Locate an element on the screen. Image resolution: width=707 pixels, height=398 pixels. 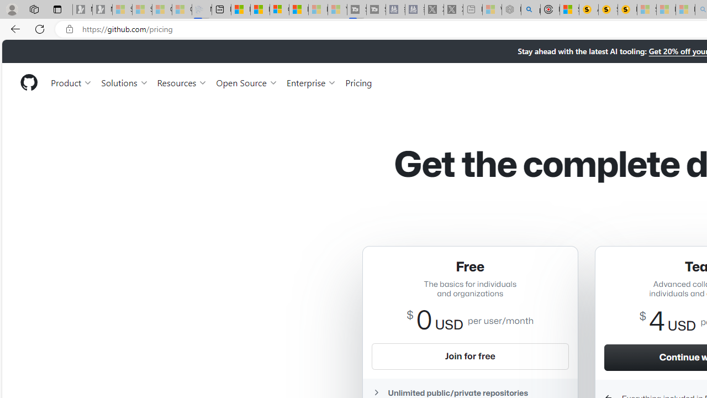
'Homepage' is located at coordinates (28, 82).